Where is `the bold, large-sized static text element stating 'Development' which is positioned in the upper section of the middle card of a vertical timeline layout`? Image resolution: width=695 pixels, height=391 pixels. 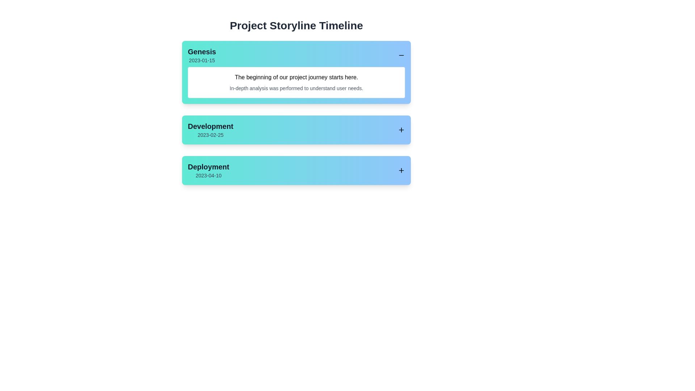 the bold, large-sized static text element stating 'Development' which is positioned in the upper section of the middle card of a vertical timeline layout is located at coordinates (210, 126).